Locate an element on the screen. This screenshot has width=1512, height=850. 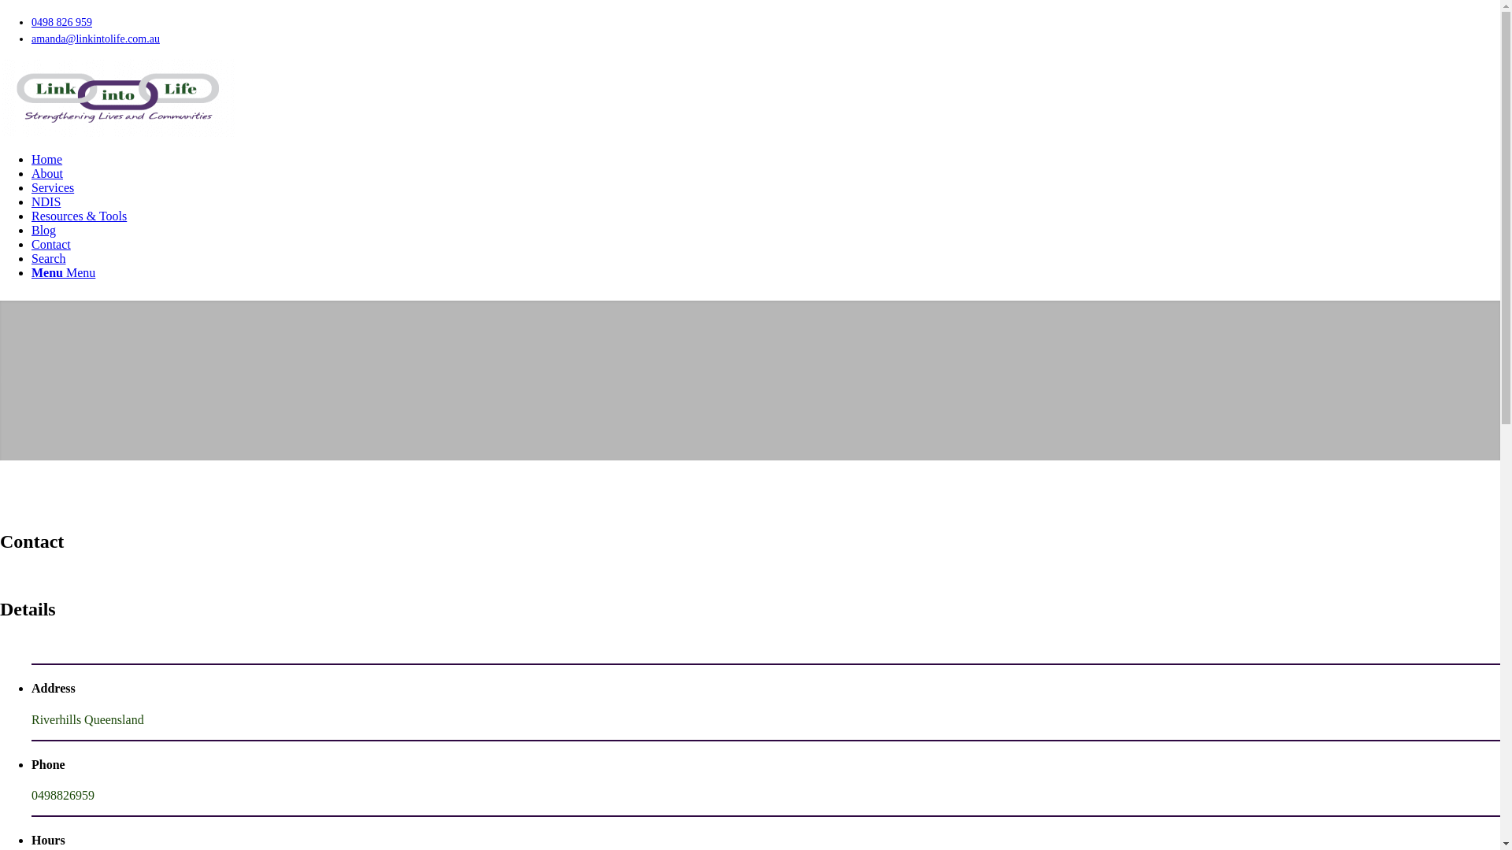
'NDIS' is located at coordinates (46, 201).